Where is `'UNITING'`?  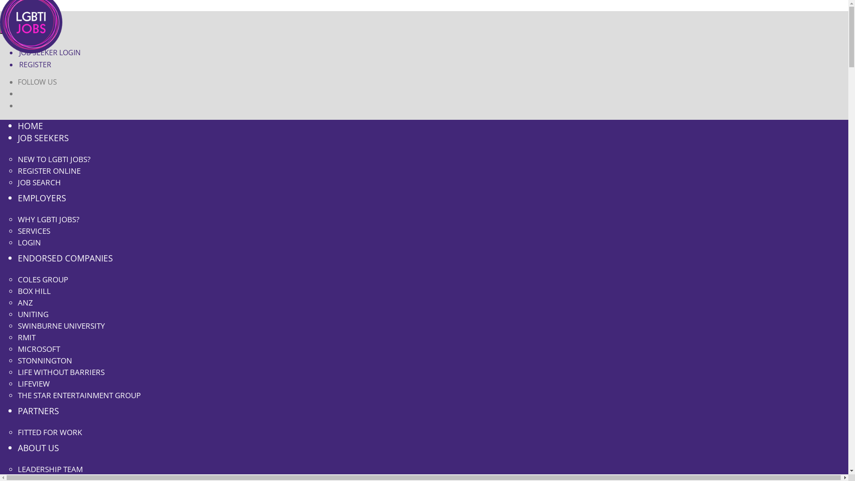
'UNITING' is located at coordinates (33, 314).